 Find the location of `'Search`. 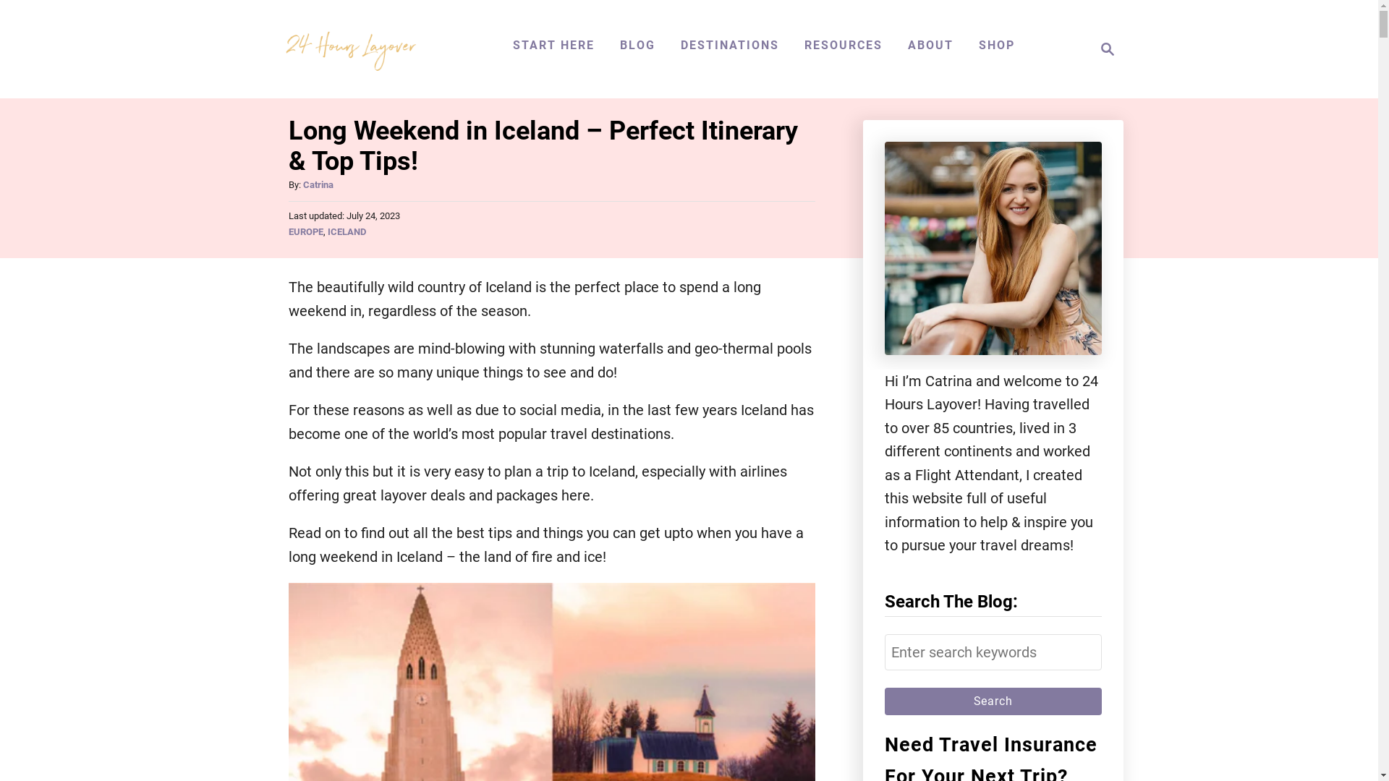

'Search is located at coordinates (1103, 48).